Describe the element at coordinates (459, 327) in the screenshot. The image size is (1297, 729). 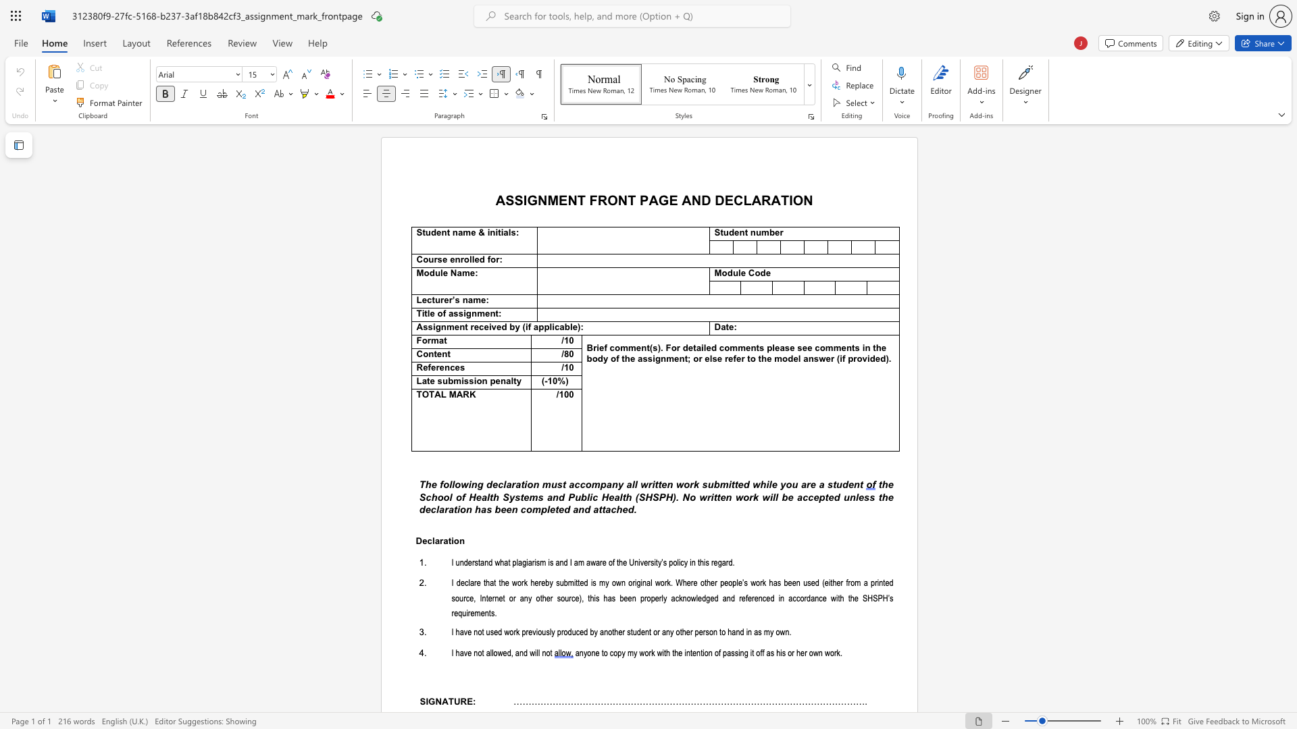
I see `the subset text "nt r" within the text "Assignment received by"` at that location.